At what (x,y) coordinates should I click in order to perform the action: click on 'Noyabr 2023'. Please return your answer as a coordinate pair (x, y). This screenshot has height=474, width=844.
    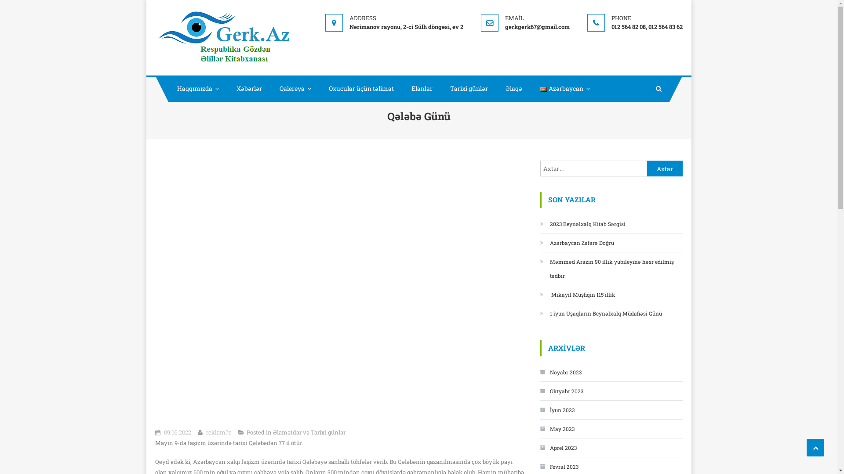
    Looking at the image, I should click on (560, 372).